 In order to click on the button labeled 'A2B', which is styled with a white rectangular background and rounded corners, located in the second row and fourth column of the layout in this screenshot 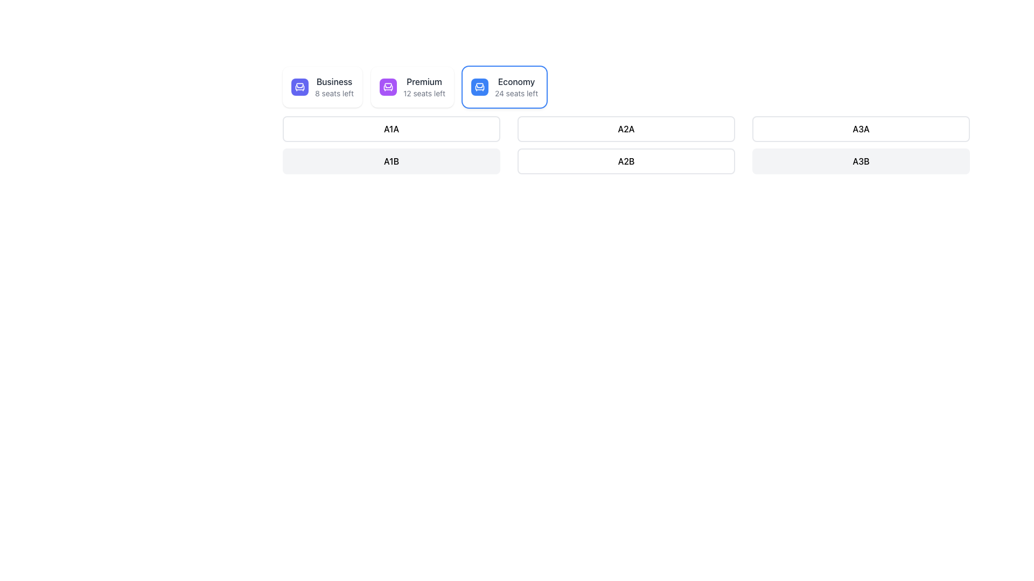, I will do `click(626, 161)`.